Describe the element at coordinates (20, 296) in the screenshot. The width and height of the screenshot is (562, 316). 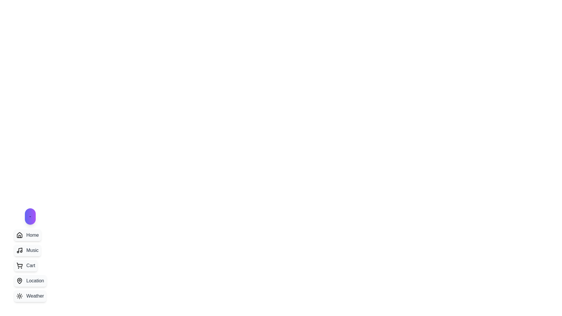
I see `the stylized sun icon located on the left panel of the interface, adjacent to the 'Weather' text label` at that location.